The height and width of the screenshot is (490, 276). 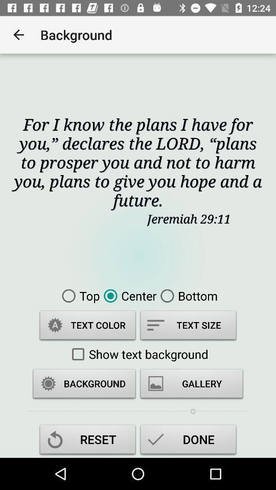 I want to click on the item to the right of reset item, so click(x=188, y=440).